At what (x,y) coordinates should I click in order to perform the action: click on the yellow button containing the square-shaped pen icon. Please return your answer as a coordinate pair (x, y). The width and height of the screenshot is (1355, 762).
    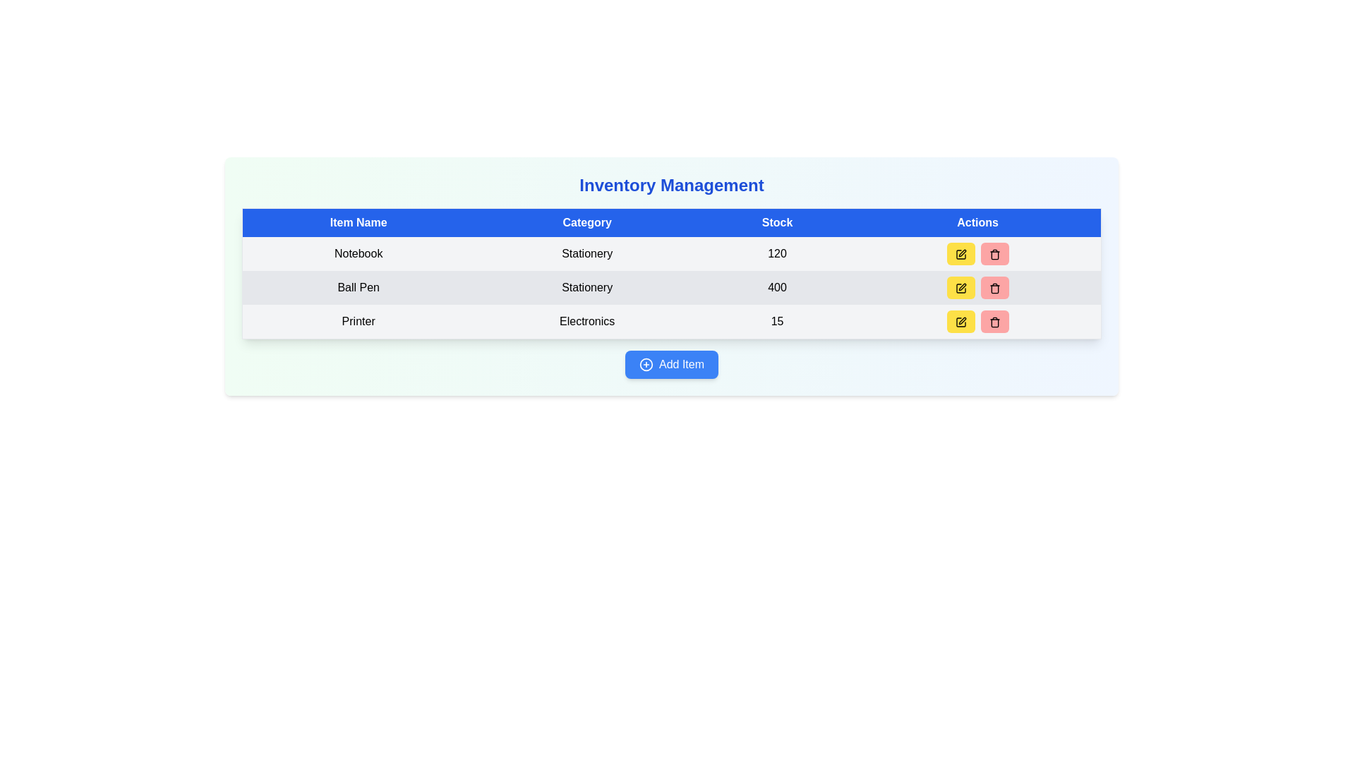
    Looking at the image, I should click on (960, 287).